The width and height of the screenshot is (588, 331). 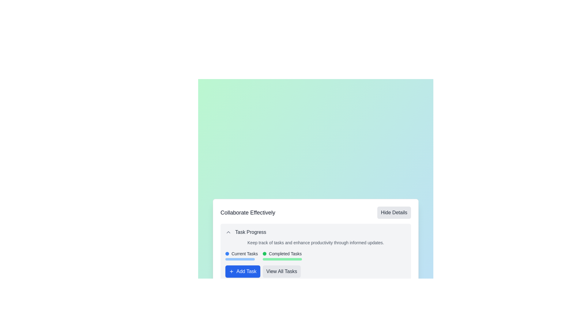 I want to click on the progress indicator of the 'Completed Tasks' text label, which features a green circular indicator and is part of a task-tracking interface, so click(x=282, y=255).